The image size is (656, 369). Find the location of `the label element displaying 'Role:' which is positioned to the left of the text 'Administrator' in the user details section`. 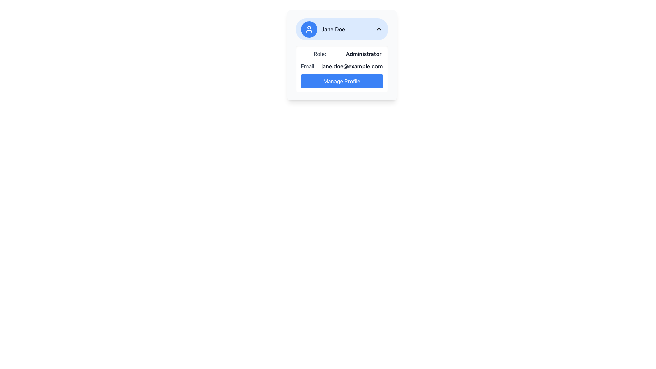

the label element displaying 'Role:' which is positioned to the left of the text 'Administrator' in the user details section is located at coordinates (319, 54).